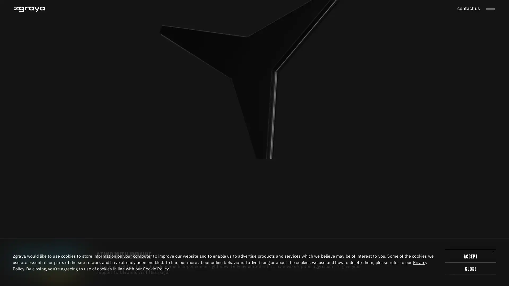  Describe the element at coordinates (155, 269) in the screenshot. I see `learn more about cookies` at that location.